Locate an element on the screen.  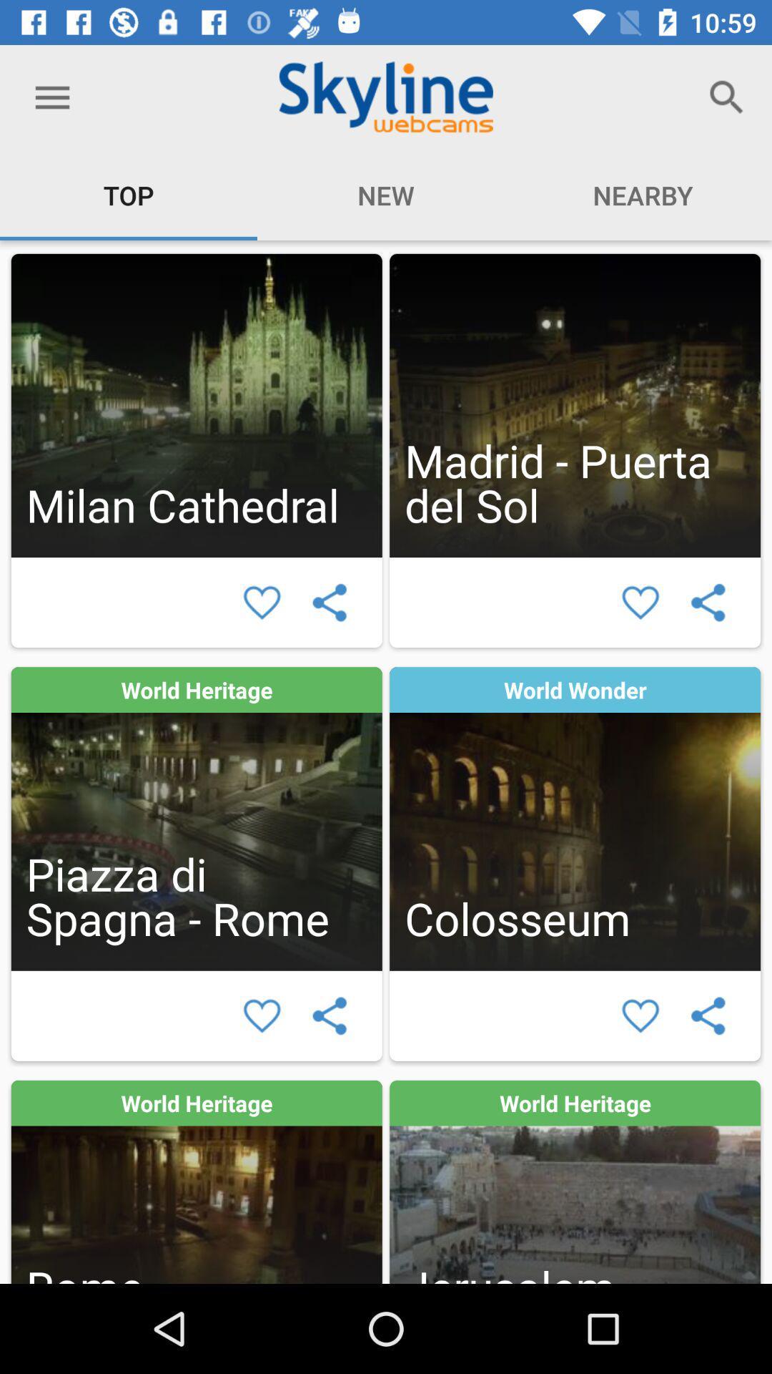
jerusalem option is located at coordinates (574, 1181).